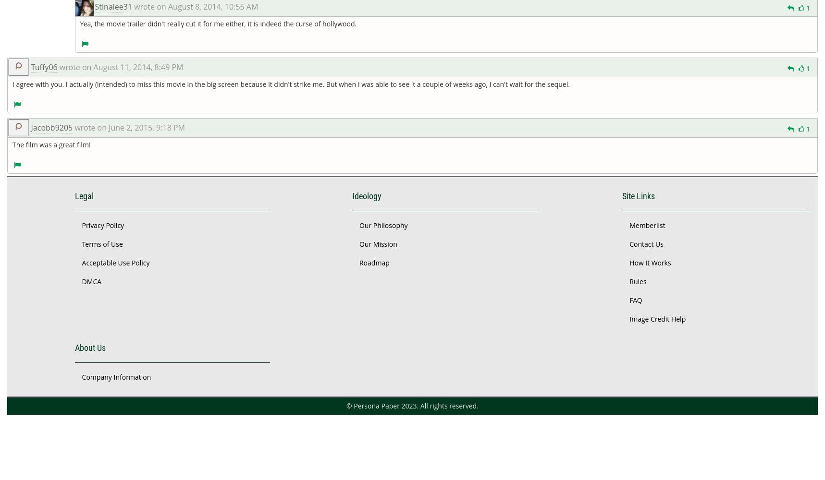 The width and height of the screenshot is (825, 480). What do you see at coordinates (382, 224) in the screenshot?
I see `'Our Philosophy'` at bounding box center [382, 224].